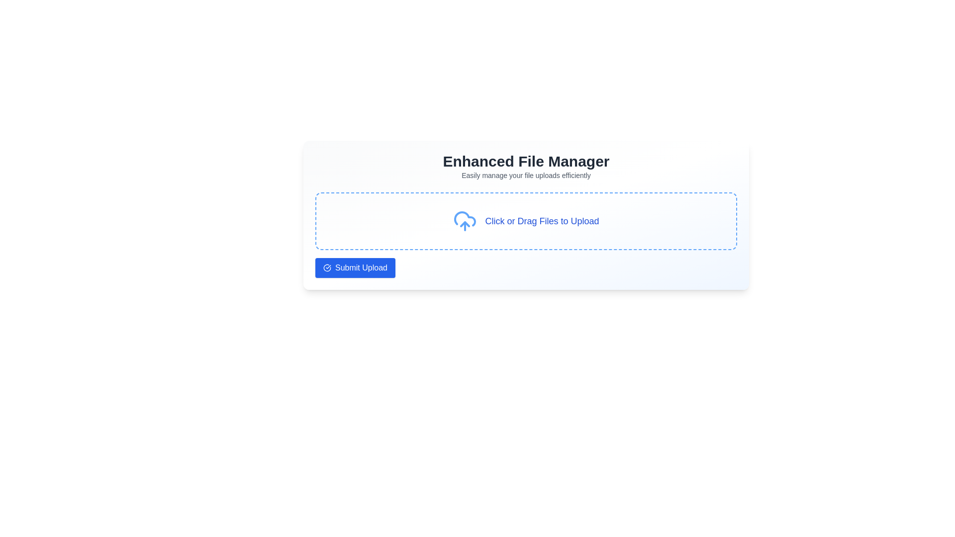  I want to click on instruction text label located in the center of the dashed-bordered box within the 'Enhanced File Manager' section, which prompts users to click or drag and drop files for uploading, so click(541, 220).